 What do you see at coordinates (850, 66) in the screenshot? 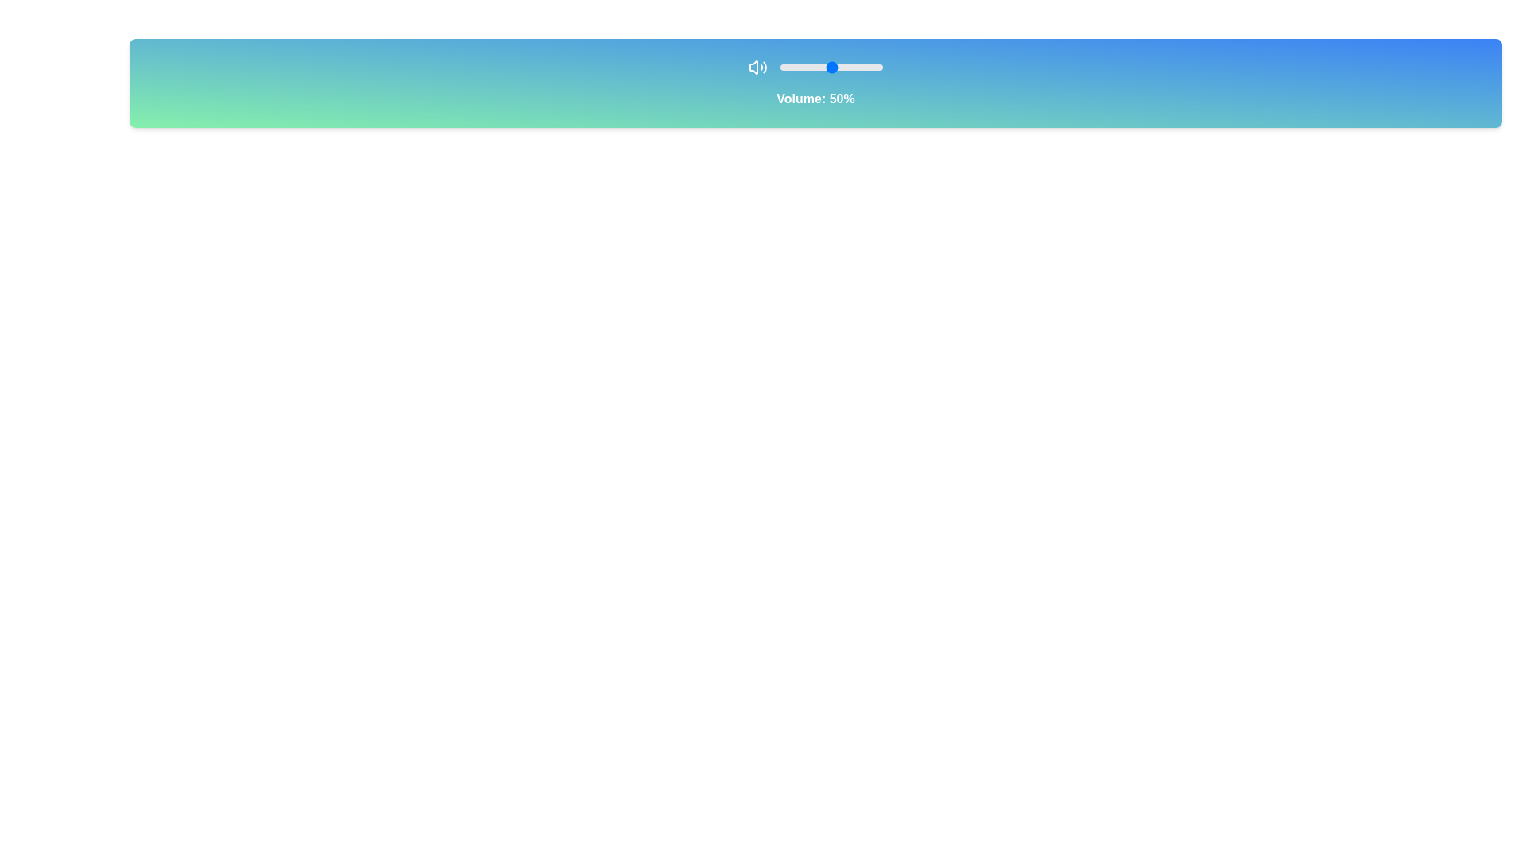
I see `the slider` at bounding box center [850, 66].